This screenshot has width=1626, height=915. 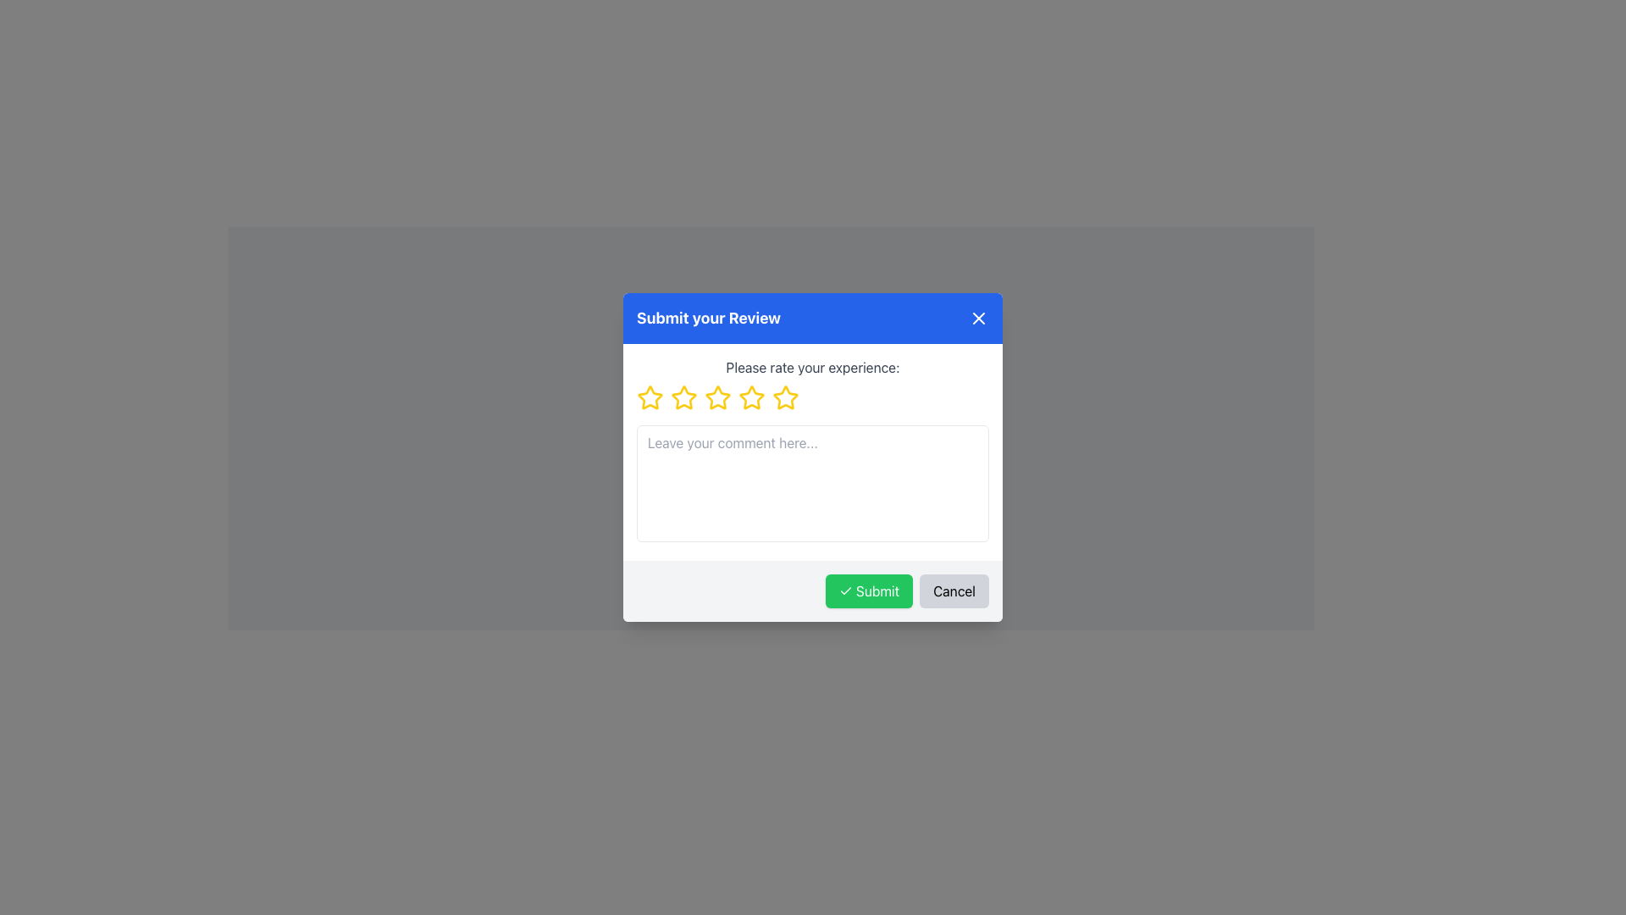 I want to click on the fourth star in the star rating system, so click(x=718, y=398).